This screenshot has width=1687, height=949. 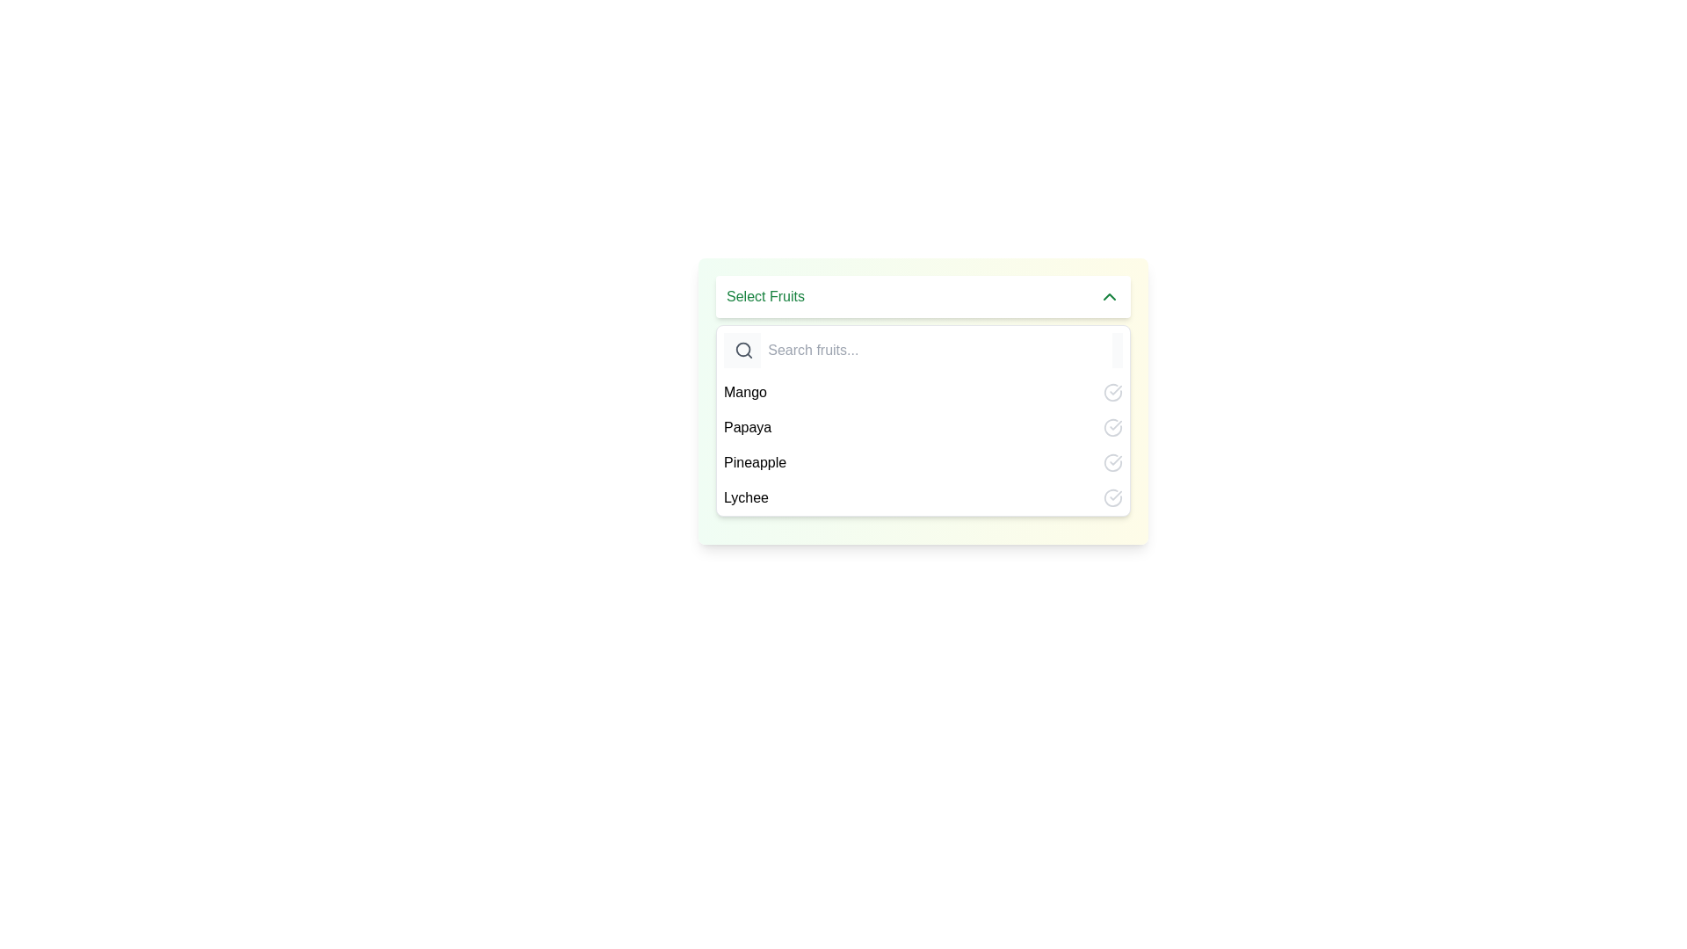 I want to click on the selection state icon for the 'Papaya' entry in the dropdown list to interact with it, so click(x=1115, y=388).